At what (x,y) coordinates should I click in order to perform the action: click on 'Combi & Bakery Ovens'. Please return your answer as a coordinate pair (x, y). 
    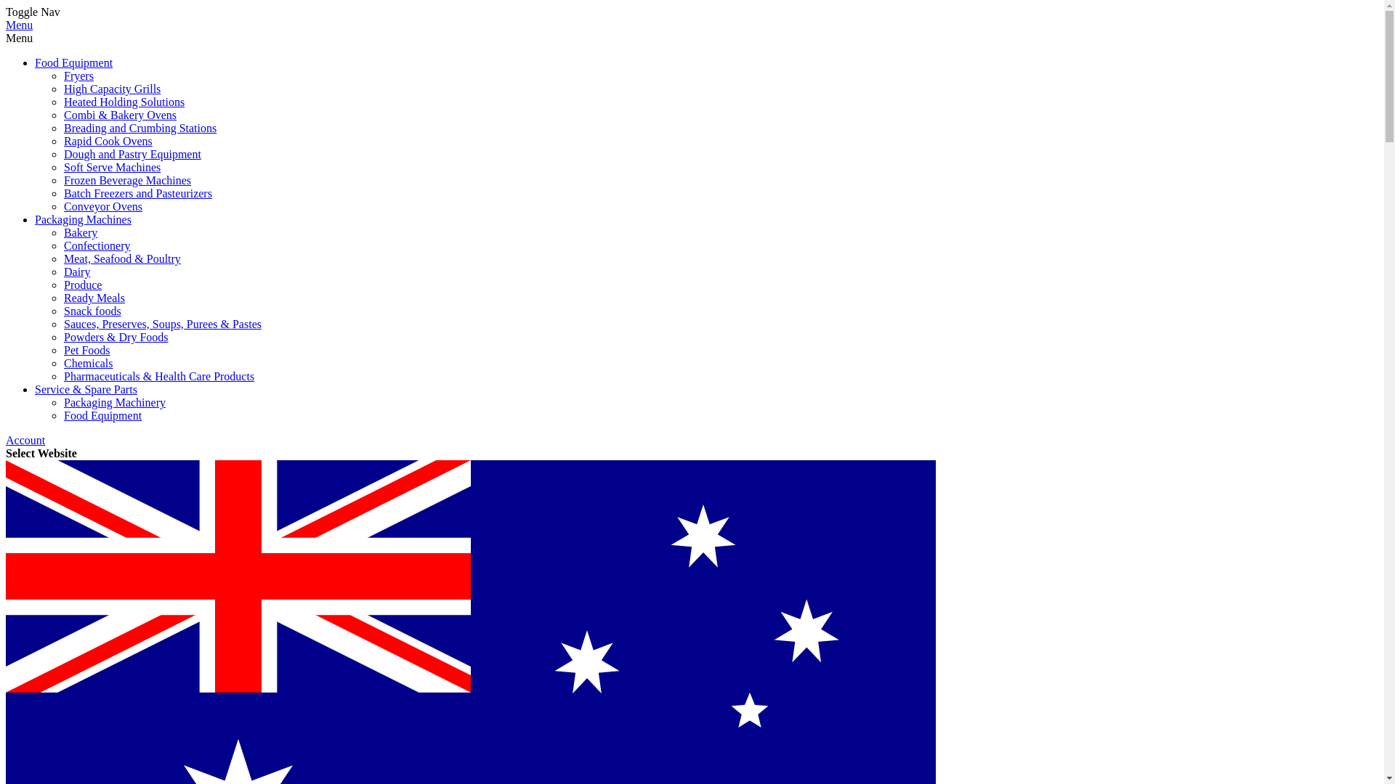
    Looking at the image, I should click on (120, 114).